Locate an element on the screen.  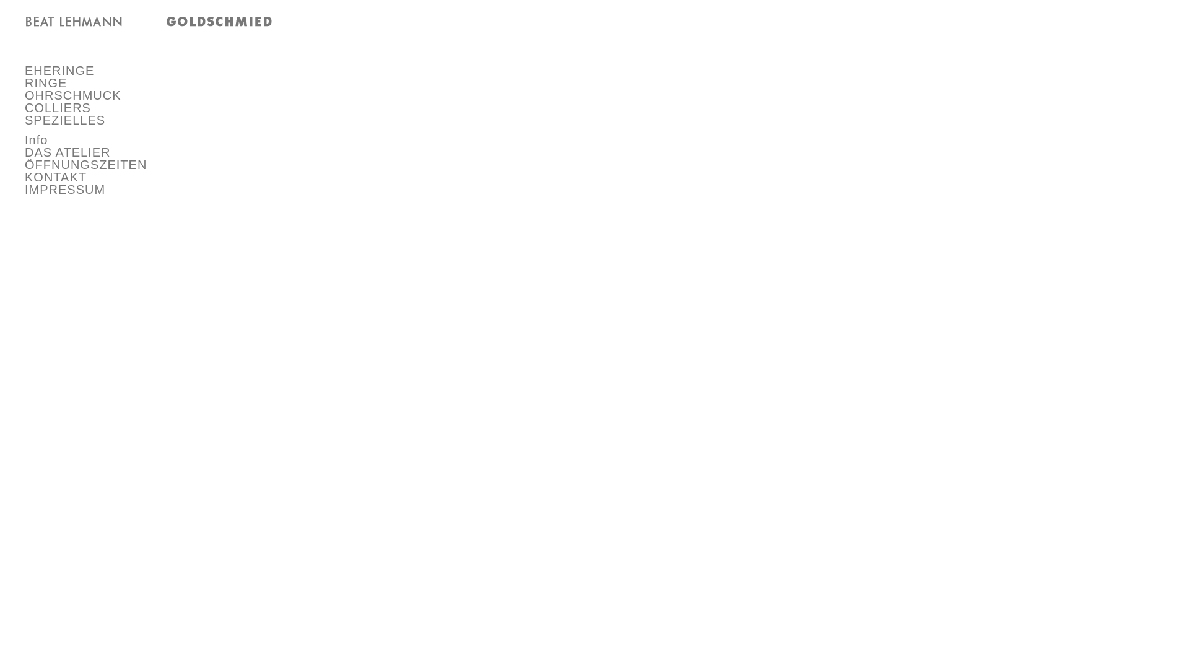
'OHRSCHMUCK' is located at coordinates (72, 95).